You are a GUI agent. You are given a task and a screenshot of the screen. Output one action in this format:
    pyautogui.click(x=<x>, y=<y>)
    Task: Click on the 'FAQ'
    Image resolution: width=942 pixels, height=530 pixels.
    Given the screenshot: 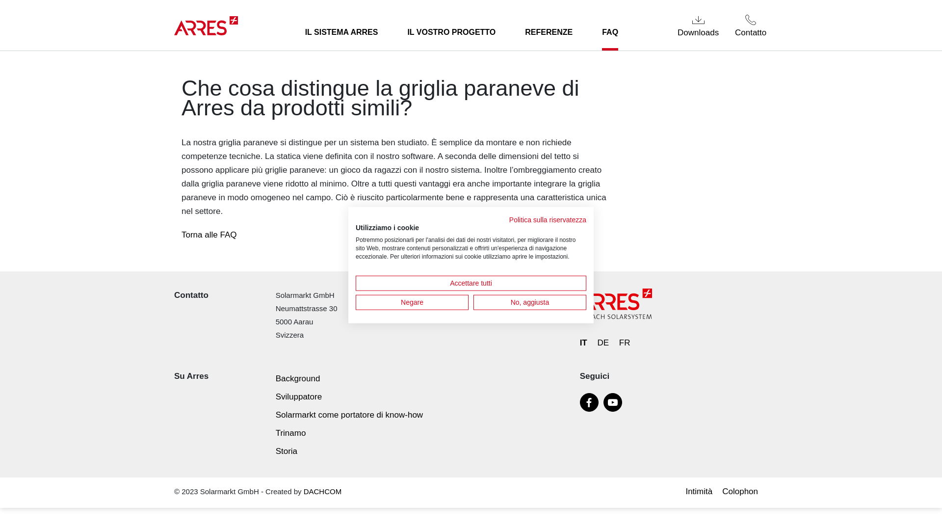 What is the action you would take?
    pyautogui.click(x=609, y=31)
    